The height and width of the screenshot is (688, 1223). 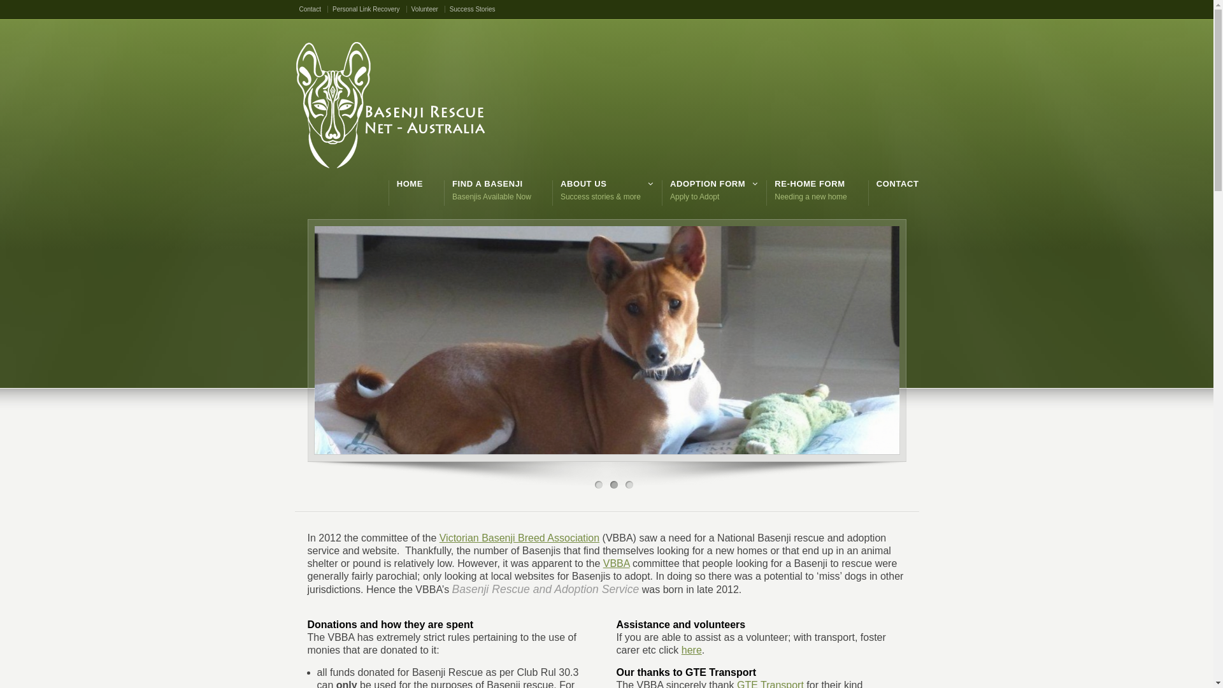 What do you see at coordinates (313, 9) in the screenshot?
I see `'Contact'` at bounding box center [313, 9].